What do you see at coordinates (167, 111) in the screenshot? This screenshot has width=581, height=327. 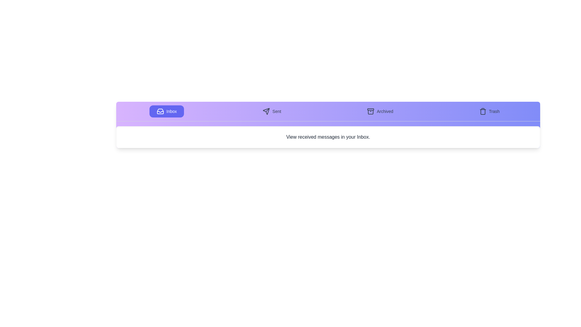 I see `the tab labeled Inbox` at bounding box center [167, 111].